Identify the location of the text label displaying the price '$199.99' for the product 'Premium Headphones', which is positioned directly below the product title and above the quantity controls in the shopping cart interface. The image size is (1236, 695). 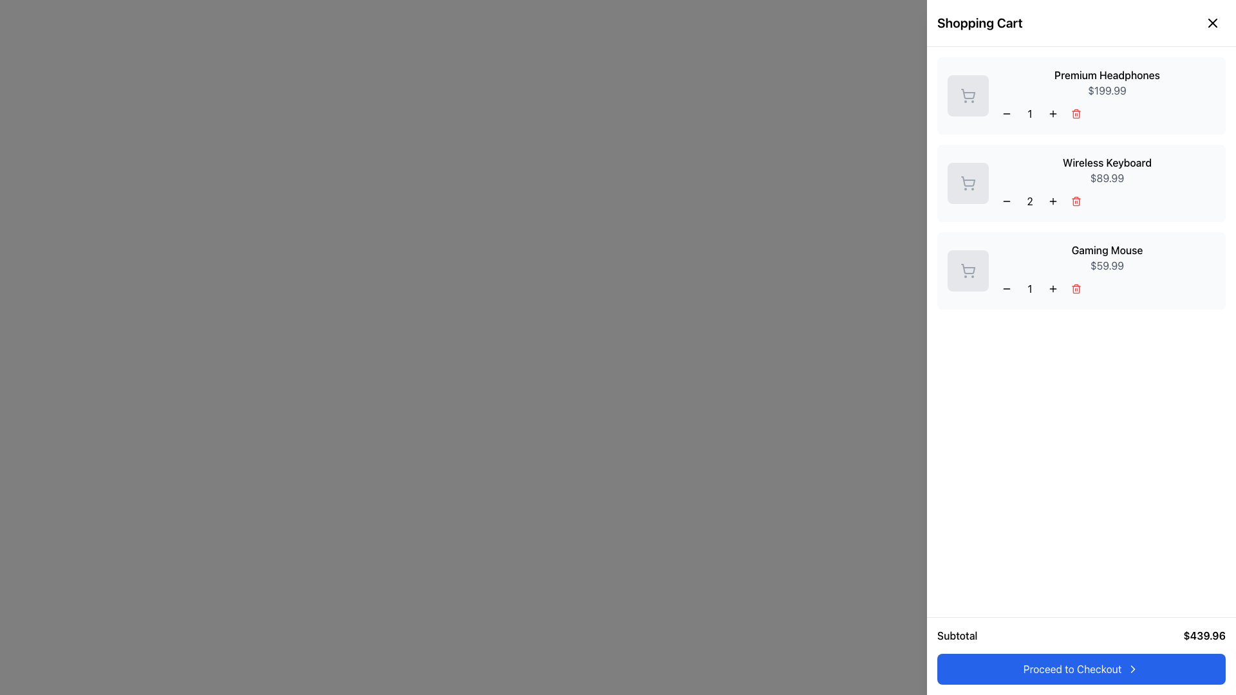
(1106, 90).